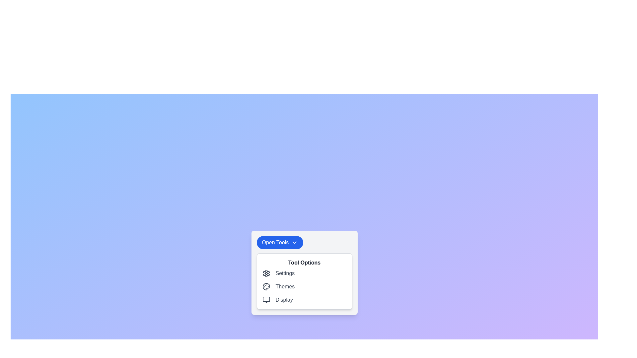  Describe the element at coordinates (266, 273) in the screenshot. I see `the gear/cog icon symbolizing settings` at that location.